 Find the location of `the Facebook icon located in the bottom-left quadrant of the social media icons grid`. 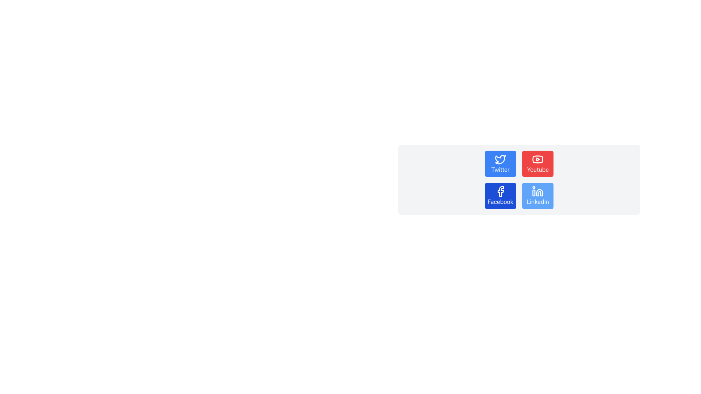

the Facebook icon located in the bottom-left quadrant of the social media icons grid is located at coordinates (500, 191).